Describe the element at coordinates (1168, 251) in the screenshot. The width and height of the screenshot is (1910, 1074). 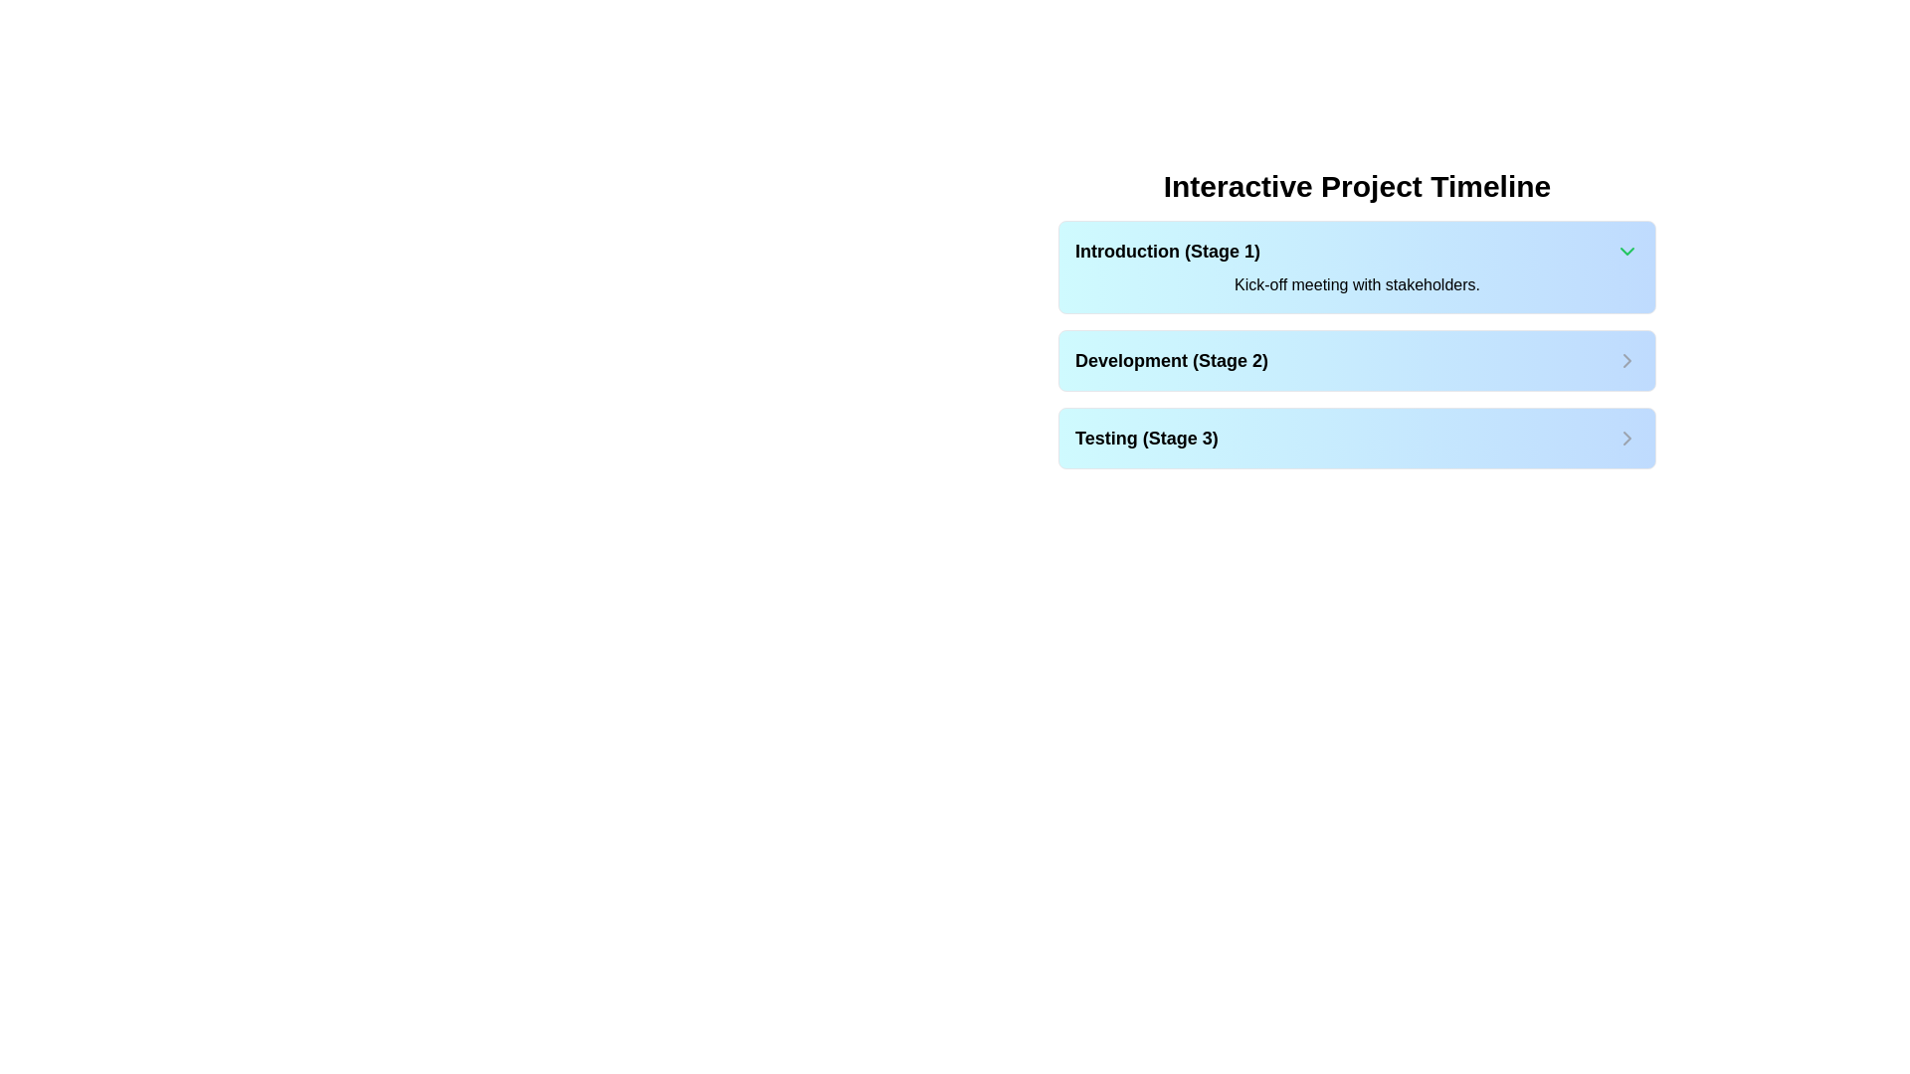
I see `text from the text label that says 'Introduction (Stage 1)' located at the top left of the blue gradient box` at that location.